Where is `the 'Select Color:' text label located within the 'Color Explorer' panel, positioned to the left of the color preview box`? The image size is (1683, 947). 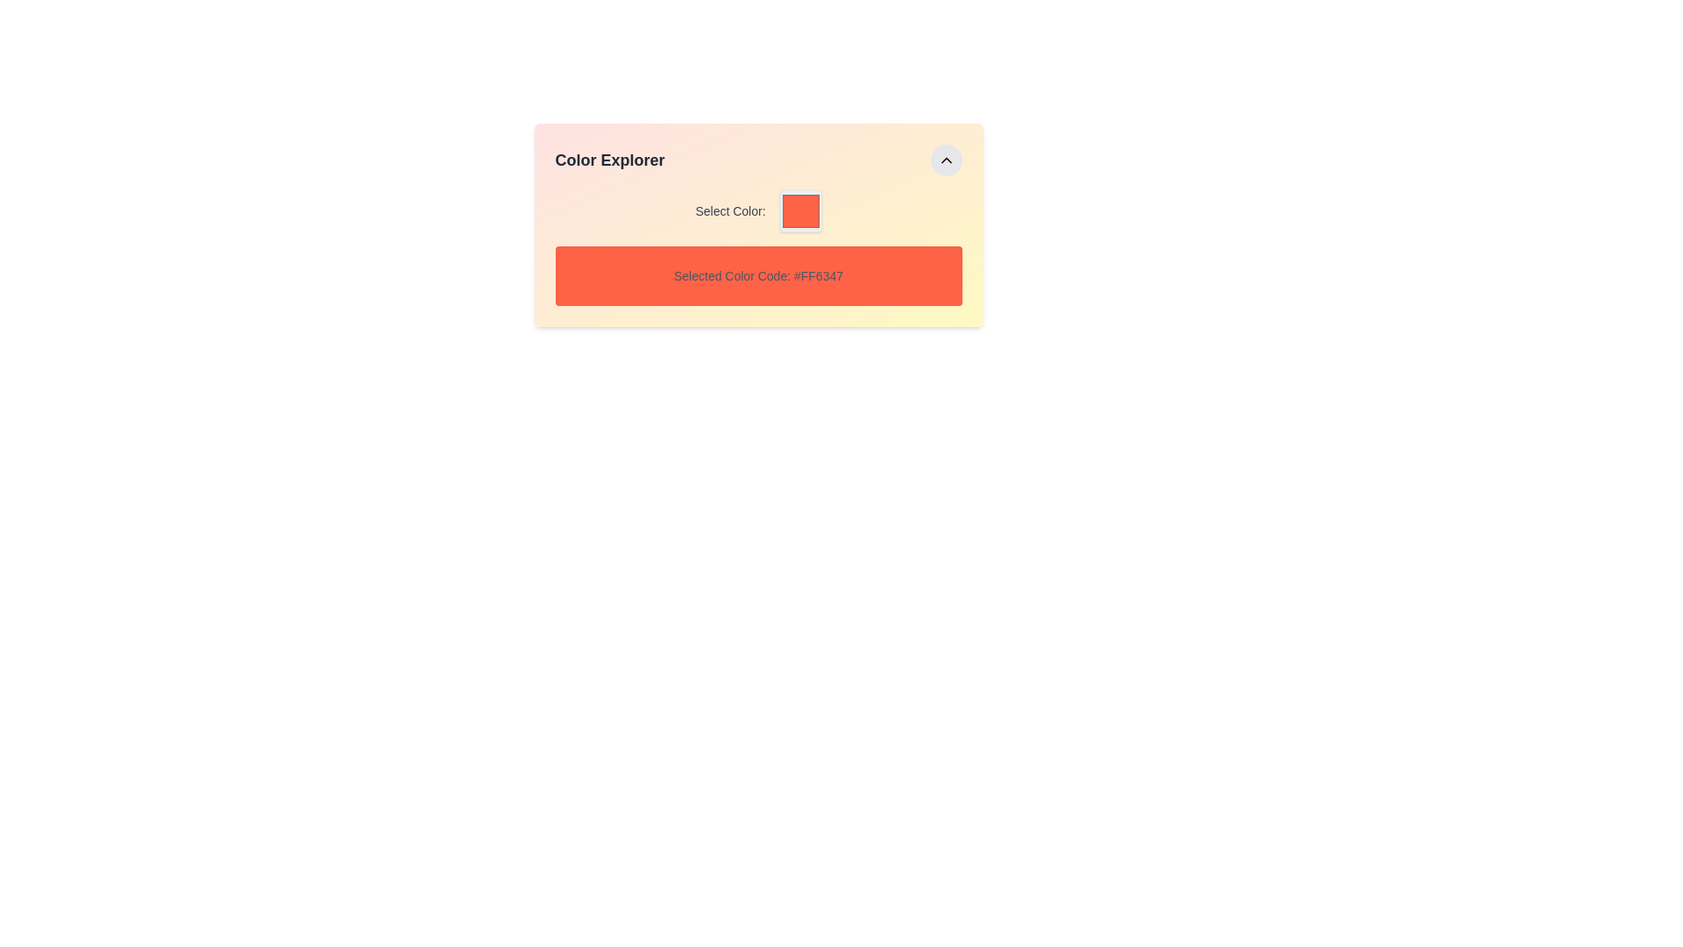 the 'Select Color:' text label located within the 'Color Explorer' panel, positioned to the left of the color preview box is located at coordinates (730, 210).